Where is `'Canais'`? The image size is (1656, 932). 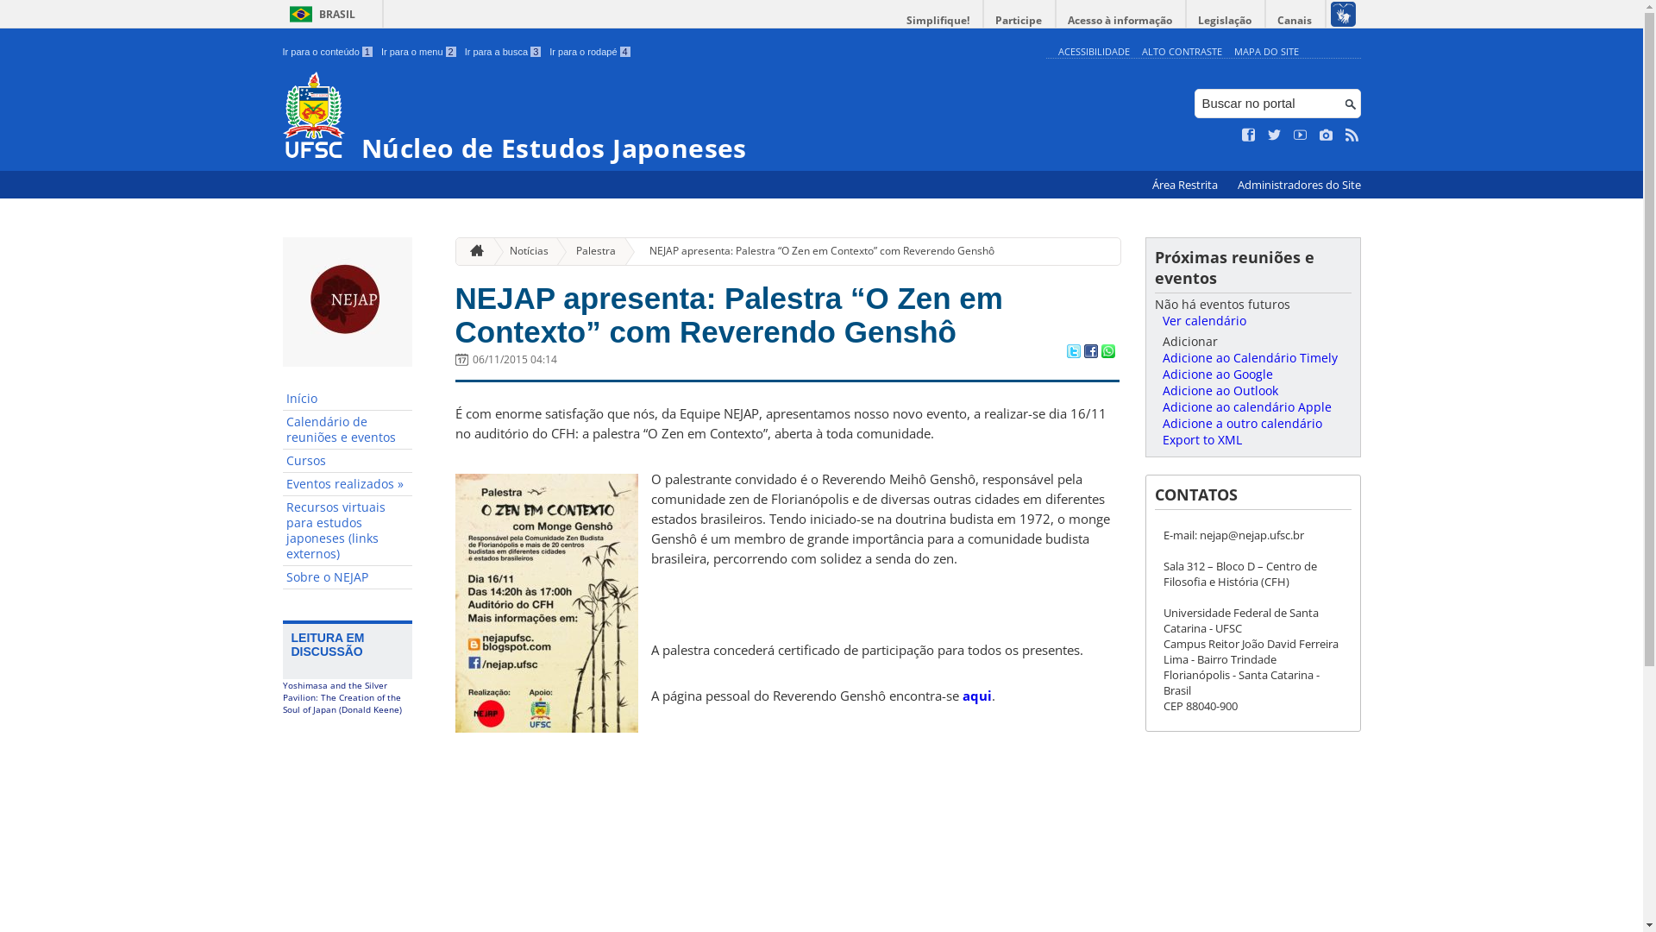
'Canais' is located at coordinates (1295, 20).